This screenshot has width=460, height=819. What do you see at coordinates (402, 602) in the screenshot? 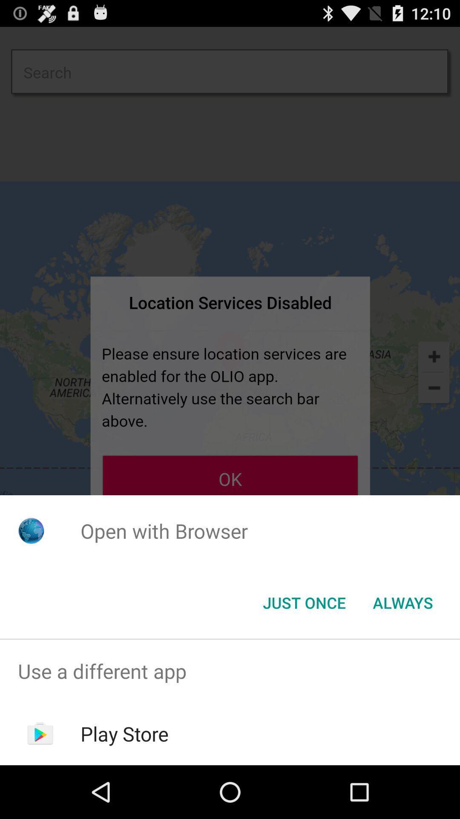
I see `the always` at bounding box center [402, 602].